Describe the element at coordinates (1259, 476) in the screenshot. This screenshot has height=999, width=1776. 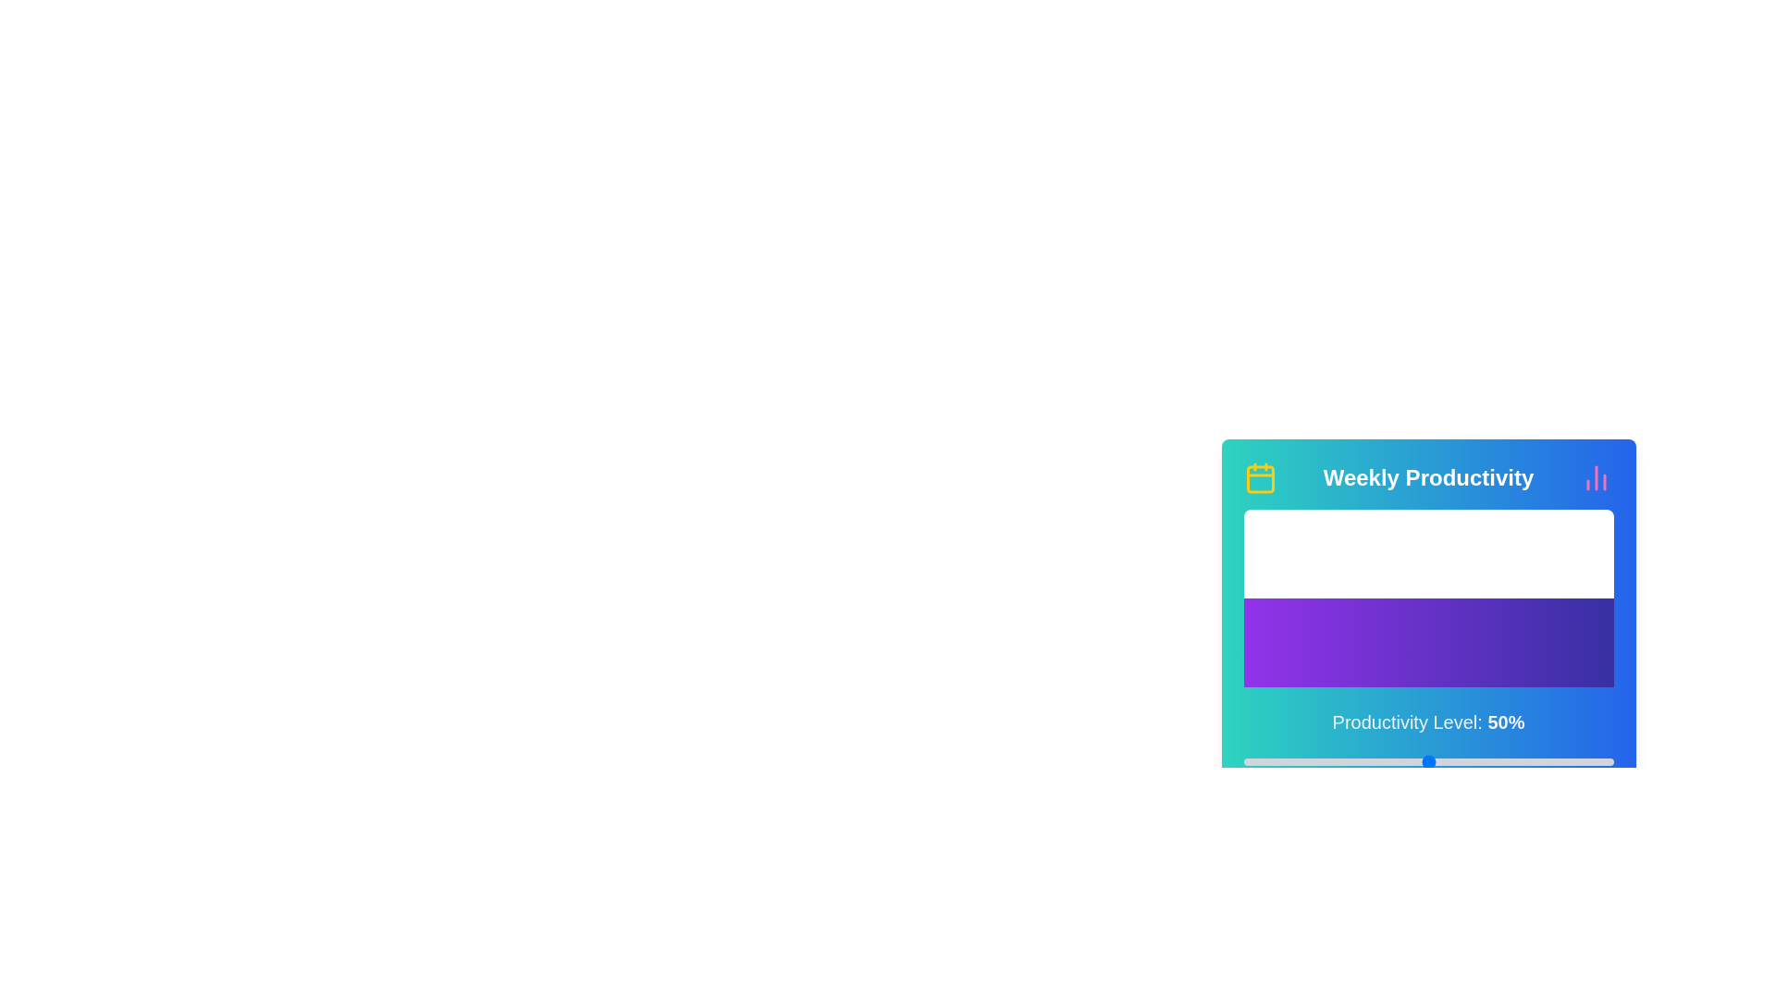
I see `the calendar icon to open the calendar functionality` at that location.